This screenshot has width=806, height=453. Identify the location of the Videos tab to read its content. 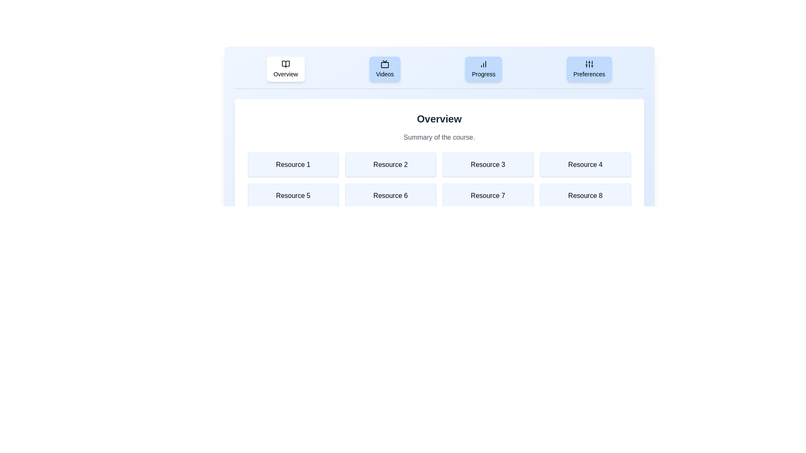
(384, 69).